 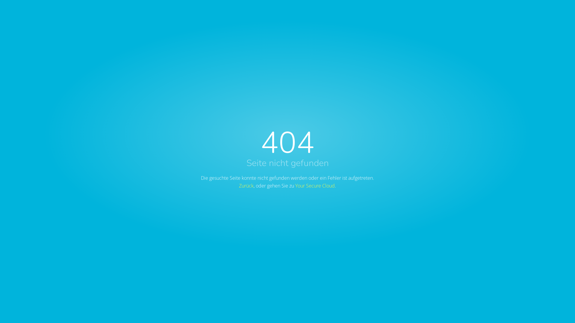 I want to click on 'Your Secure Cloud', so click(x=314, y=185).